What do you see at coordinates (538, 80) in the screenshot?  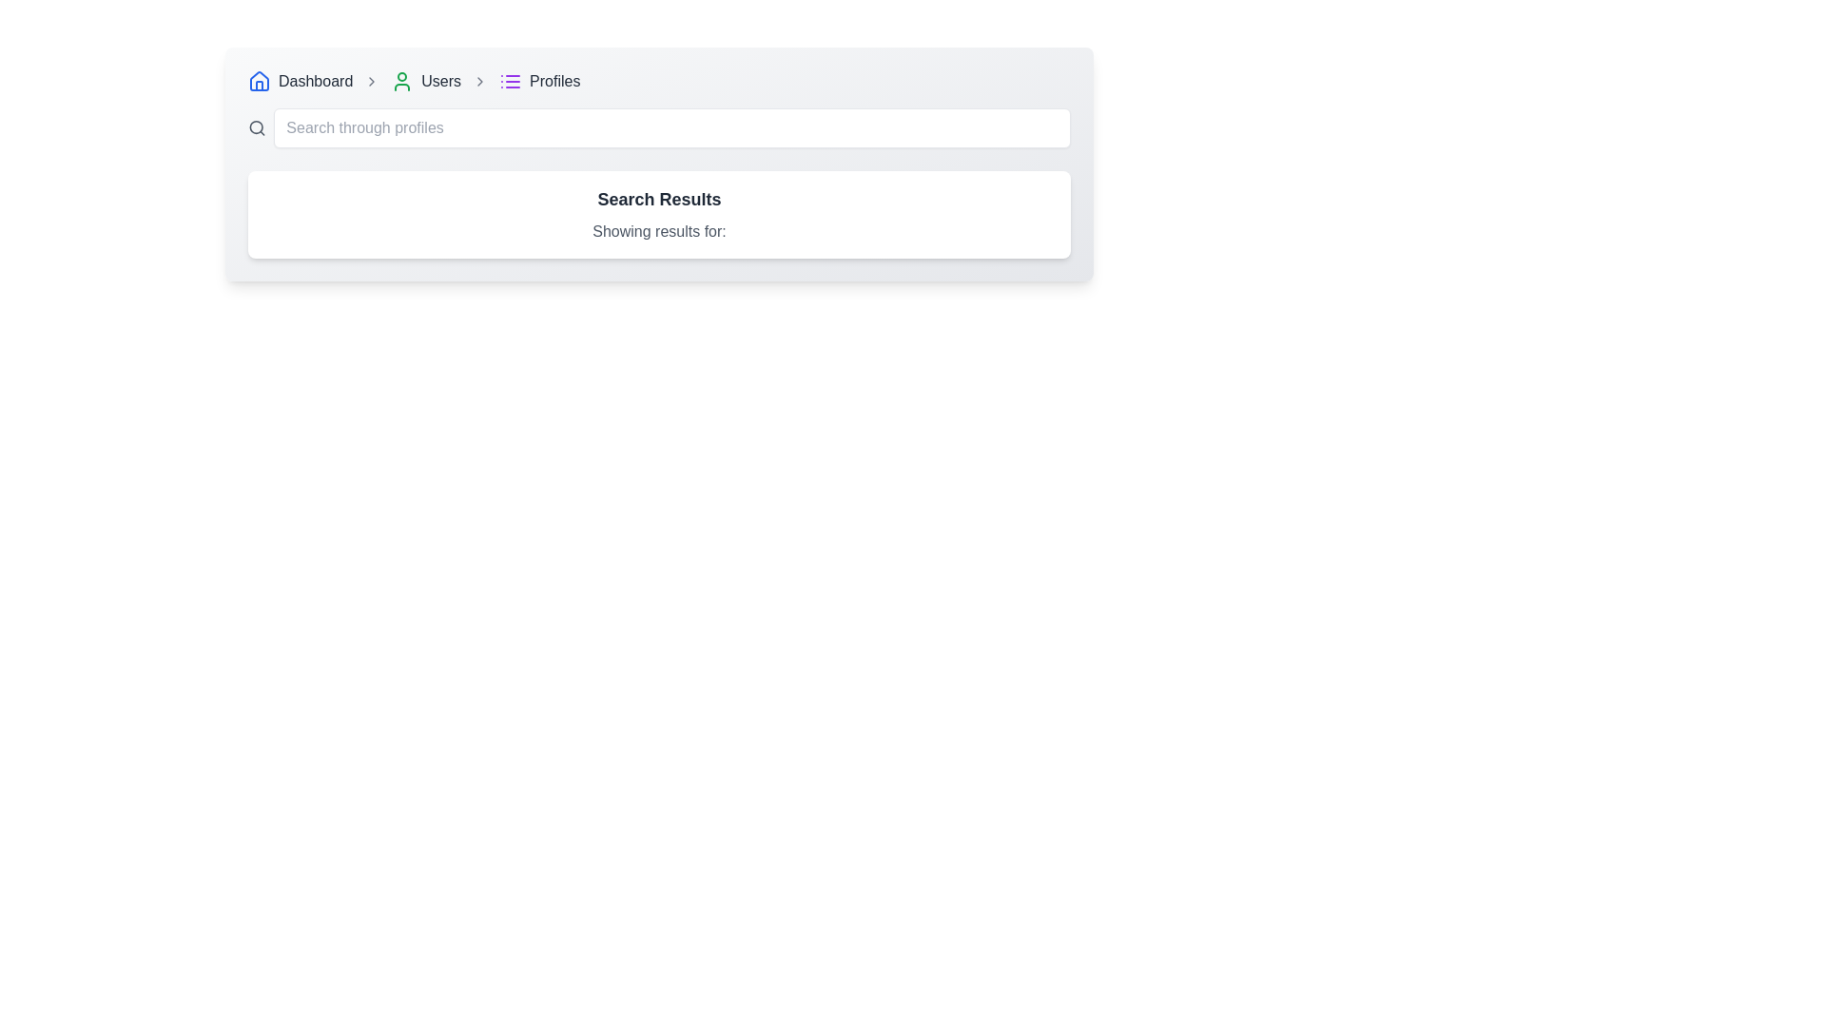 I see `the interactive breadcrumb link labeled 'Profiles' with a list icon` at bounding box center [538, 80].